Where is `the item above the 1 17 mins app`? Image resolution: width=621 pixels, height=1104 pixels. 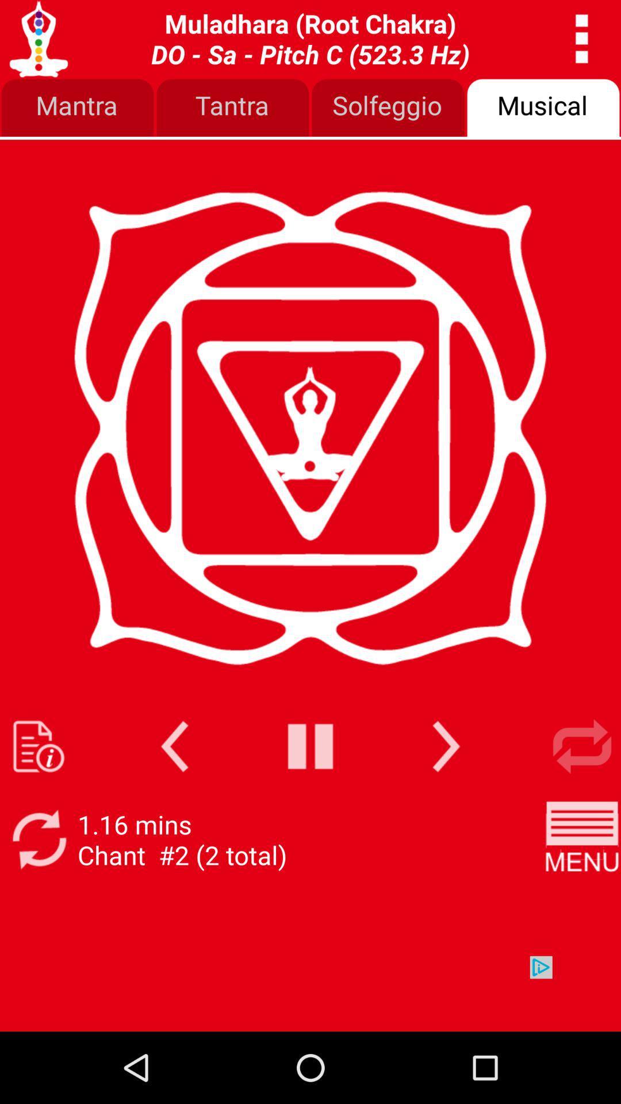
the item above the 1 17 mins app is located at coordinates (174, 746).